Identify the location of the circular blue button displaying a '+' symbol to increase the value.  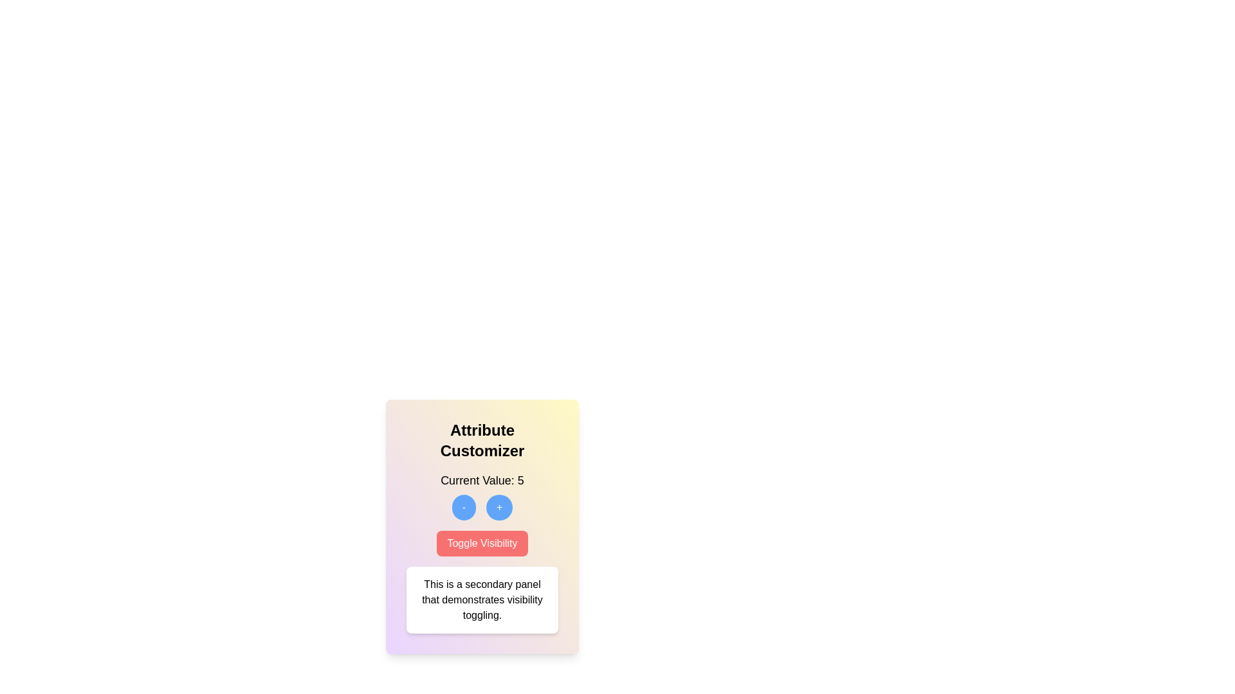
(499, 507).